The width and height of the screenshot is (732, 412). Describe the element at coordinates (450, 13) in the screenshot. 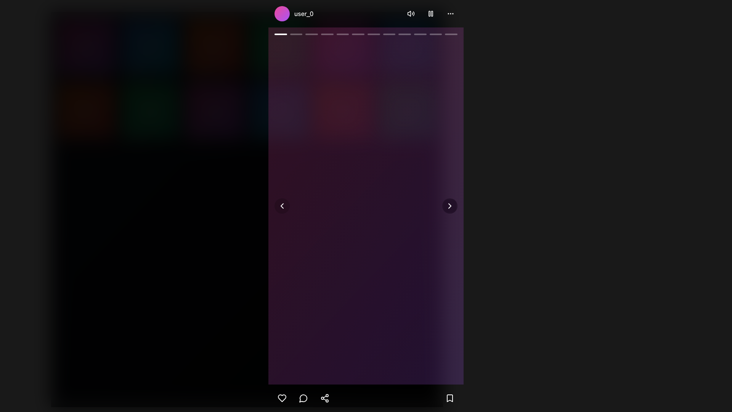

I see `the ellipsis icon (three dots) located in the top-right corner of the interface` at that location.